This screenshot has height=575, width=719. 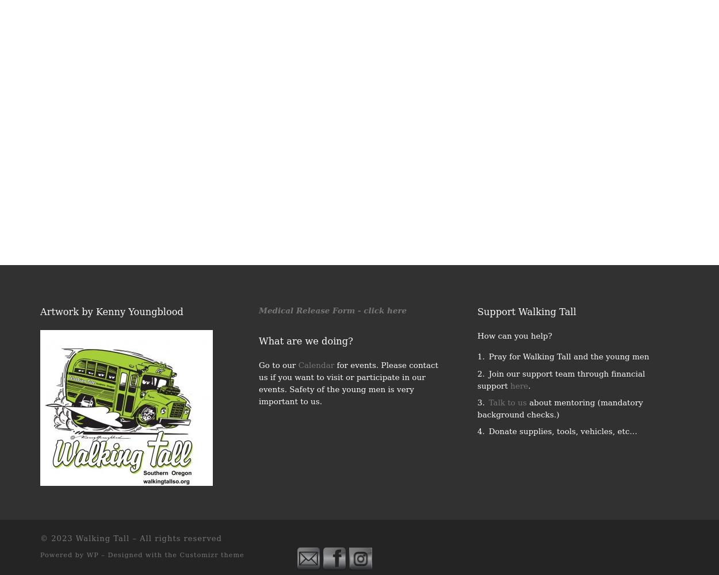 I want to click on '2016 Fishing and Camping Trip', so click(x=510, y=54).